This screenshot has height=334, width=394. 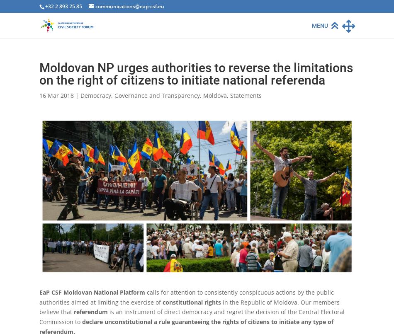 I want to click on '+32 2 893 25 85', so click(x=63, y=6).